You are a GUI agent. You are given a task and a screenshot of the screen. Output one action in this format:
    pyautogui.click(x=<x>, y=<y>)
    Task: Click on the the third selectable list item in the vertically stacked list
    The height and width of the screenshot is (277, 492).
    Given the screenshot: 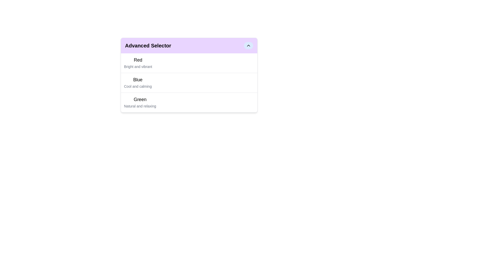 What is the action you would take?
    pyautogui.click(x=189, y=102)
    